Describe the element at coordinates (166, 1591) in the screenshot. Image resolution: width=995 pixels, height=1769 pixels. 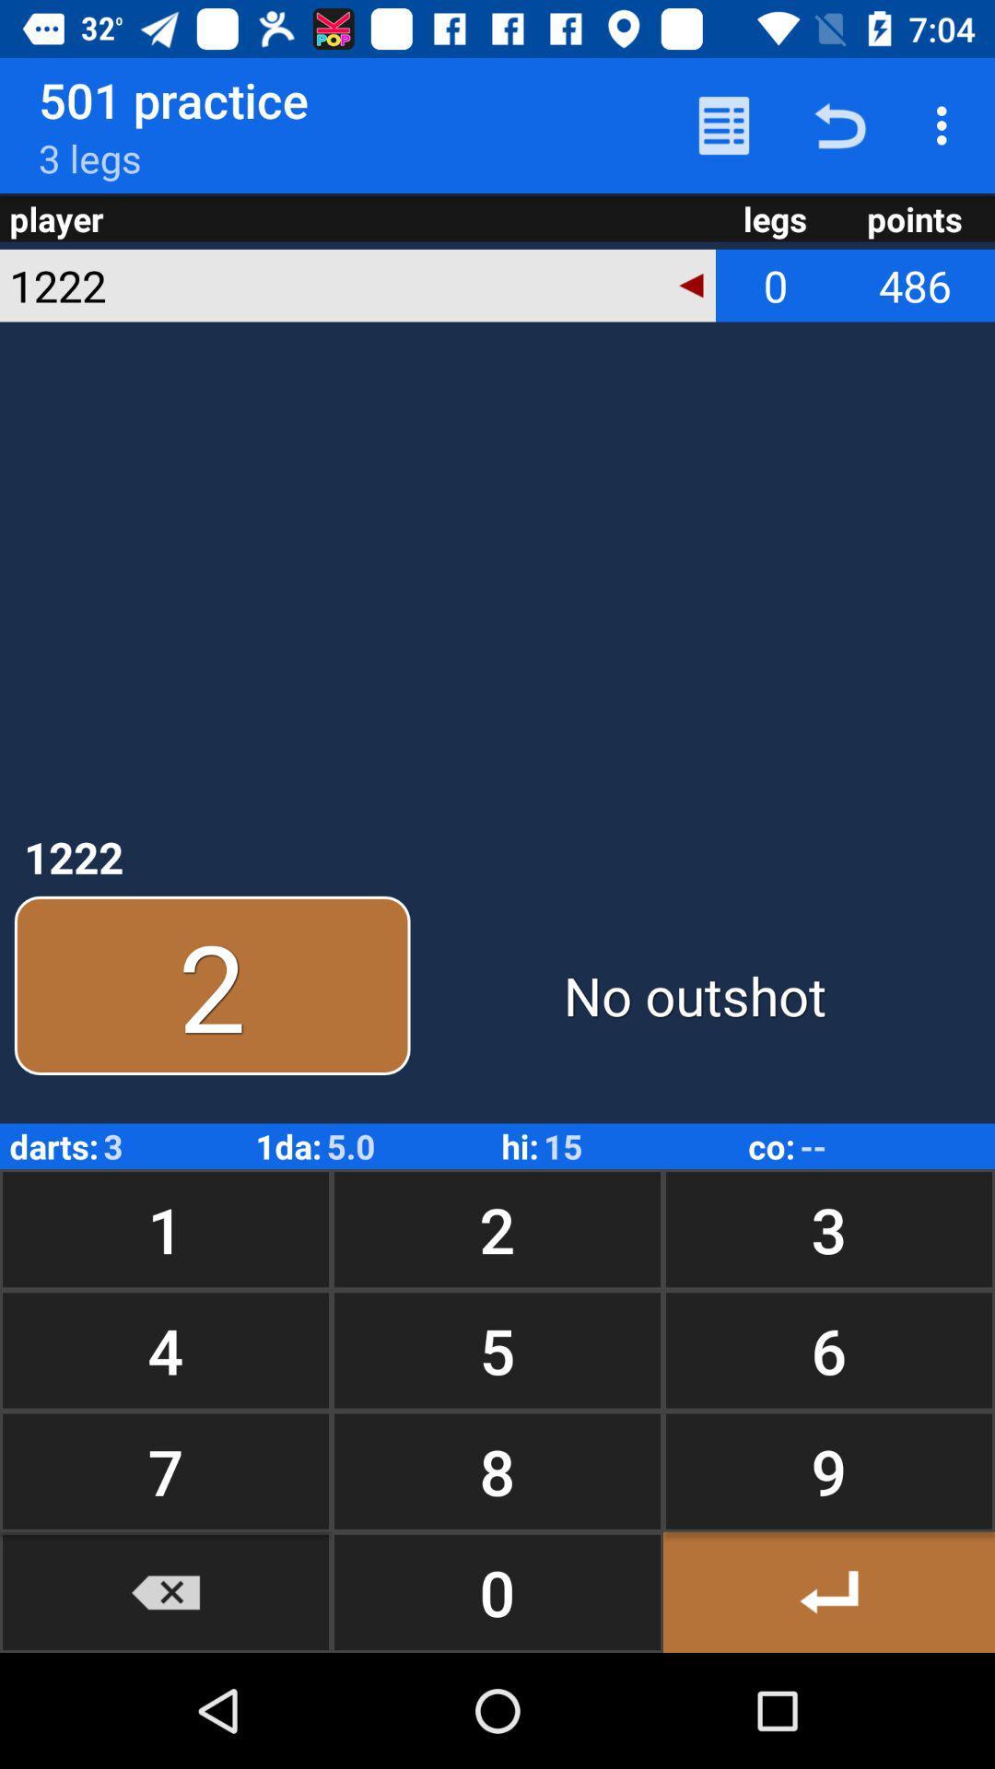
I see `button to the left of 8 item` at that location.